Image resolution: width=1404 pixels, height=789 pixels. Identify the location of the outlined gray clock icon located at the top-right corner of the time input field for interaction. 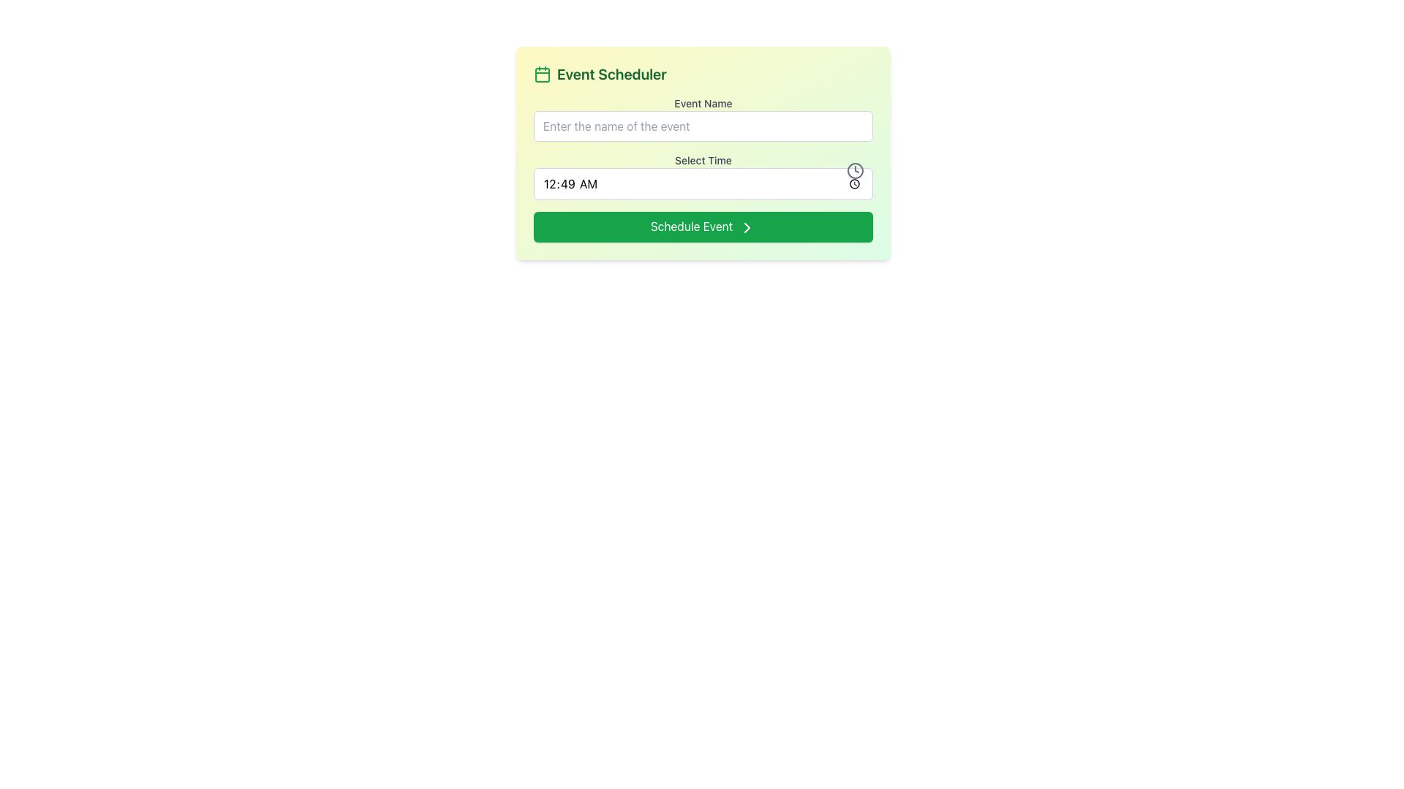
(856, 170).